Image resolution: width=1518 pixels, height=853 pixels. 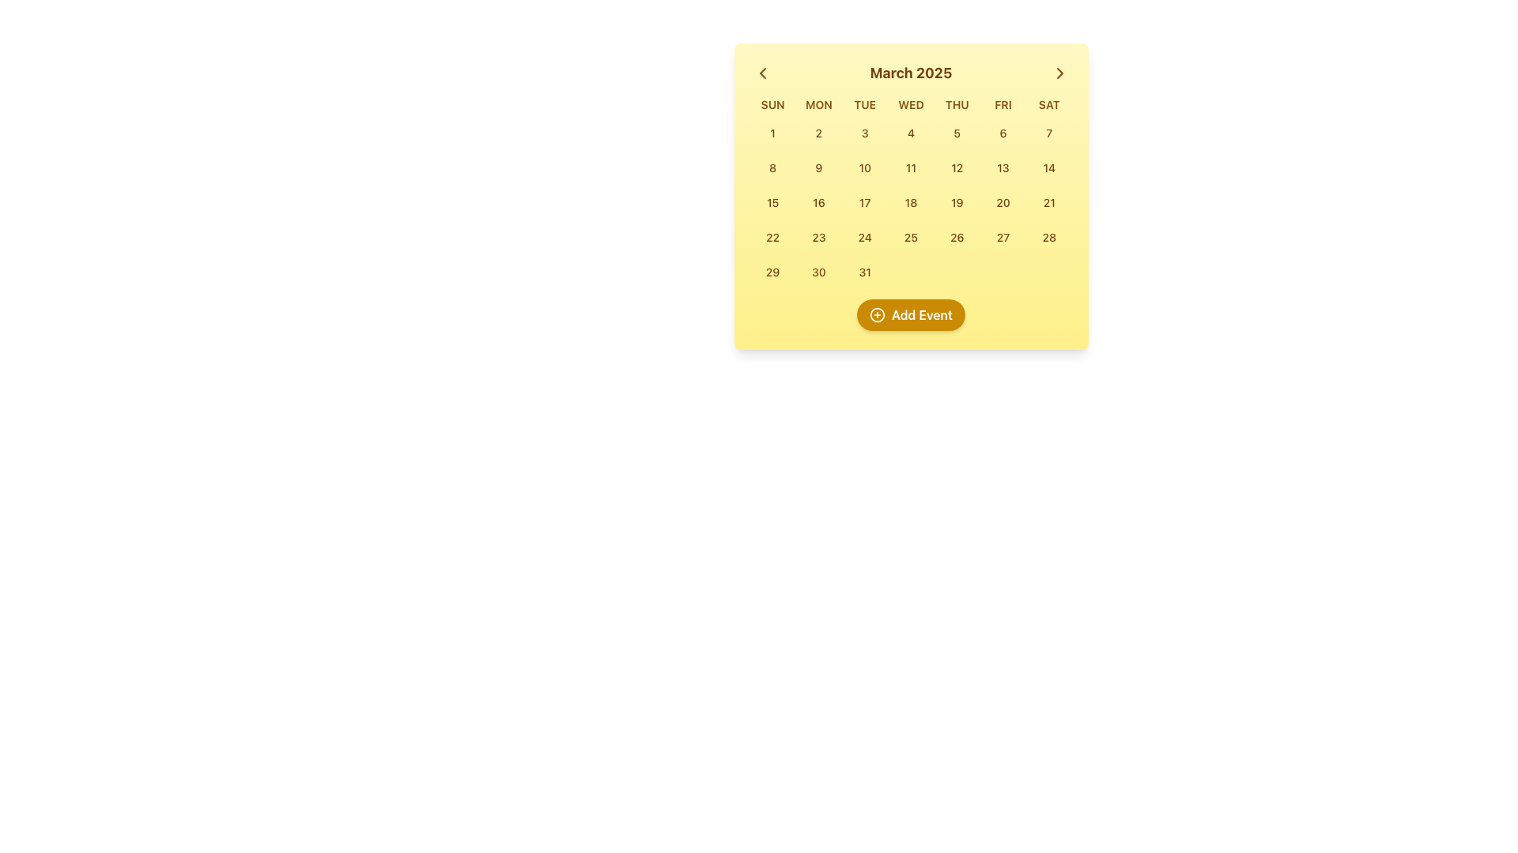 What do you see at coordinates (876, 314) in the screenshot?
I see `the circular icon with a plus sign at the bottom left of the 'Add Event' button in the calendar panel` at bounding box center [876, 314].